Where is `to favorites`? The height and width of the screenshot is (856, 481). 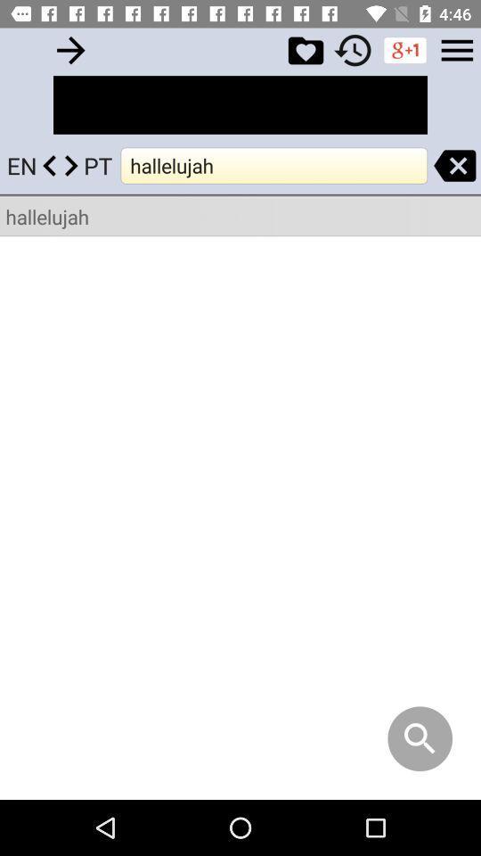
to favorites is located at coordinates (305, 49).